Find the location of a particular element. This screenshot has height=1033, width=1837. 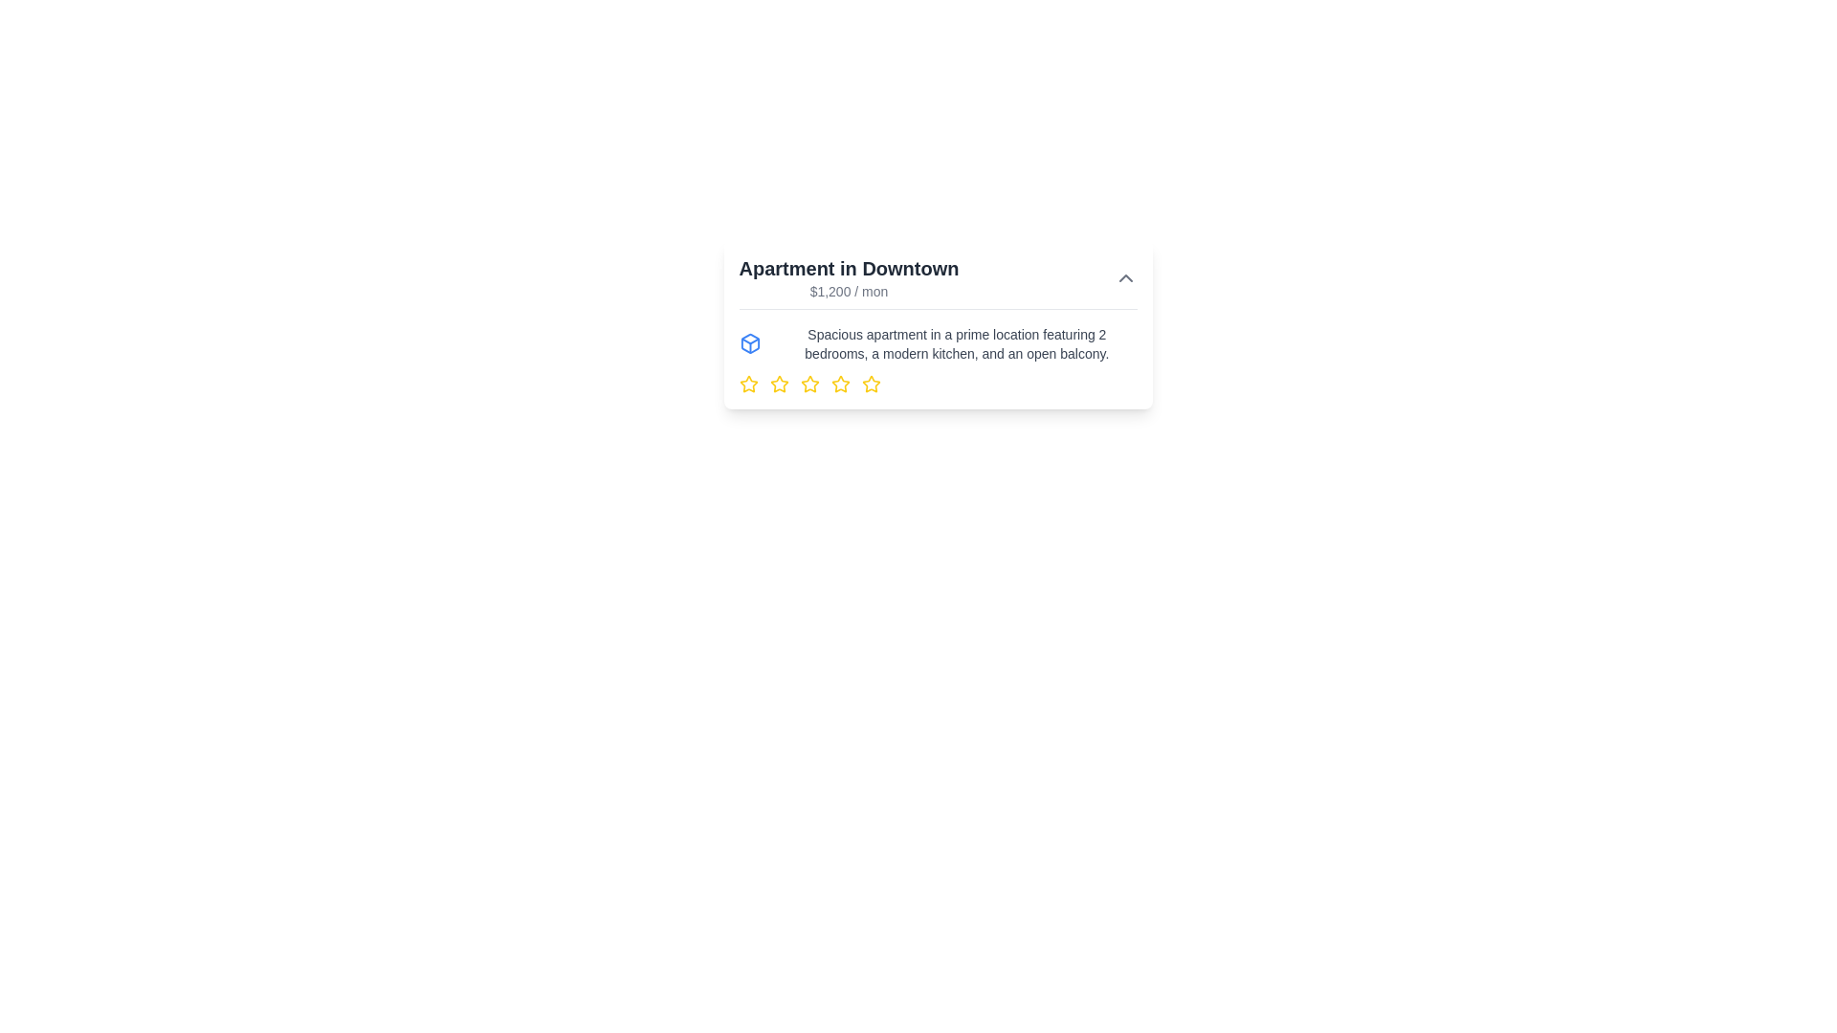

the second star icon from the left in the rating system is located at coordinates (809, 384).